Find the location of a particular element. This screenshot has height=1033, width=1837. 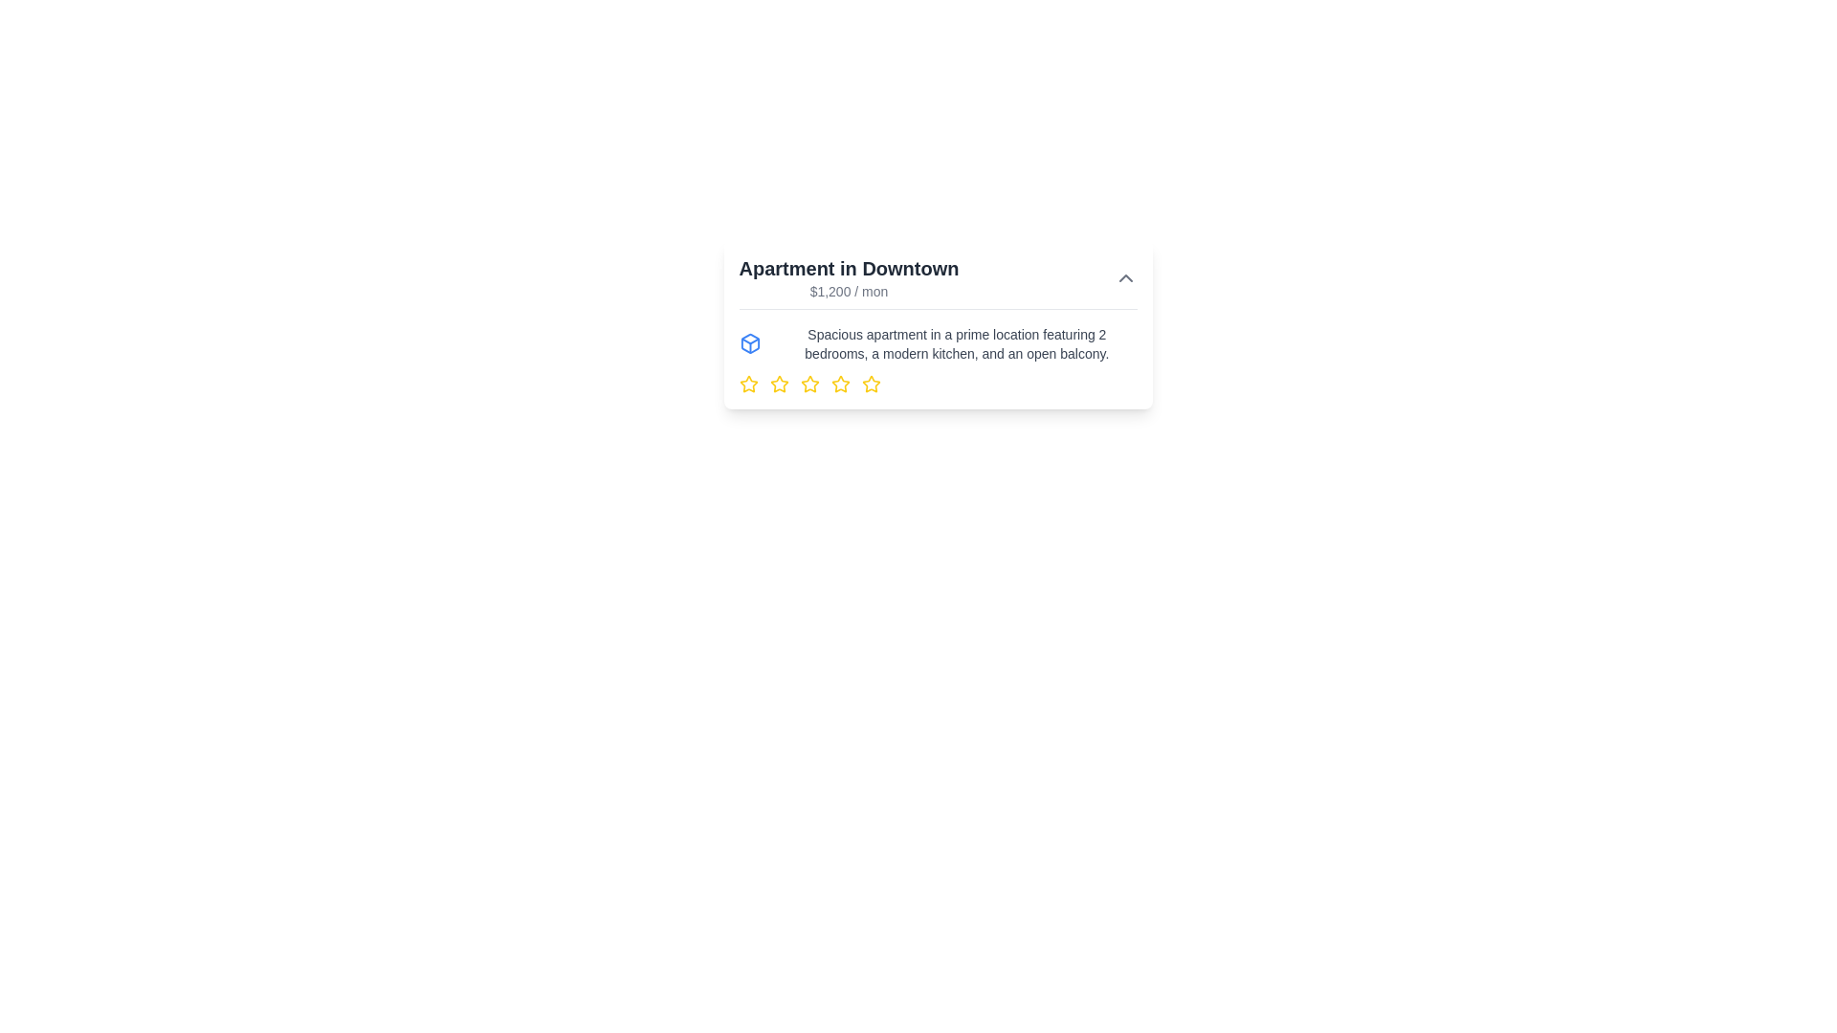

the second star icon from the left in the rating system is located at coordinates (809, 384).